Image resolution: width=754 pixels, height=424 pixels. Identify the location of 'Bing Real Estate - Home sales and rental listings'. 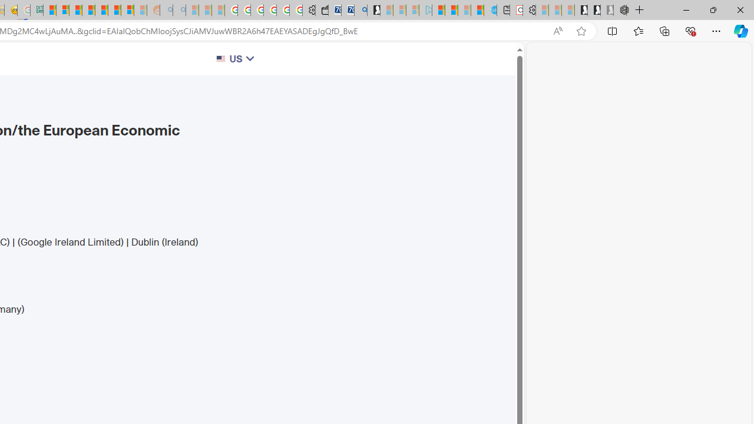
(360, 10).